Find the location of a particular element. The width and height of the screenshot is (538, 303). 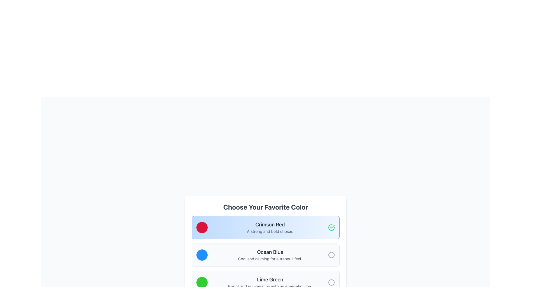

the text label that states 'A strong and bold choice.' which is located directly below the title 'Crimson Red' is located at coordinates (270, 231).